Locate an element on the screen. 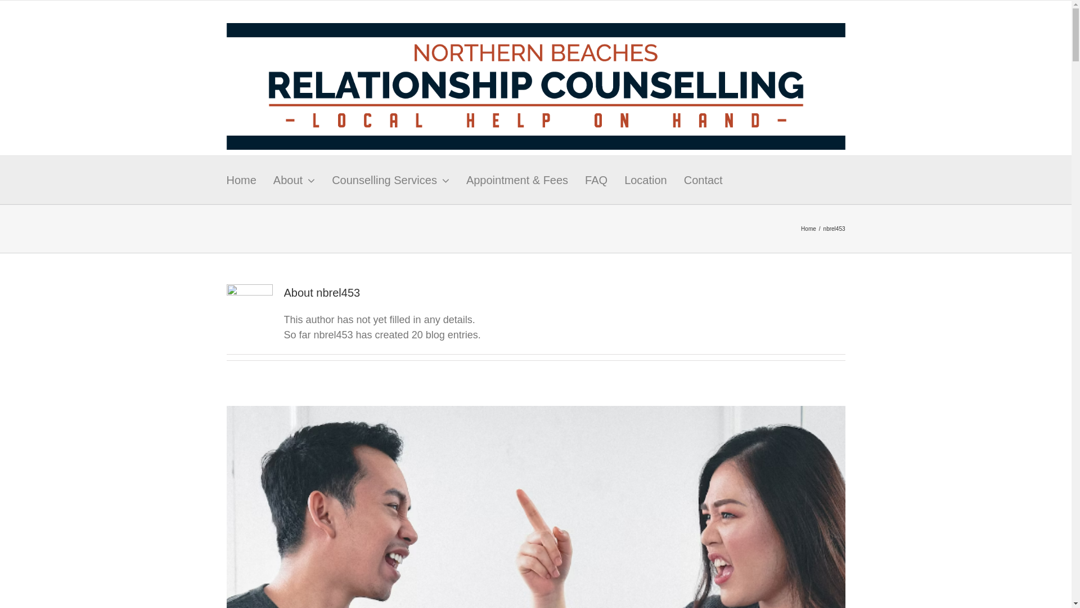 Image resolution: width=1080 pixels, height=608 pixels. 'About' is located at coordinates (273, 179).